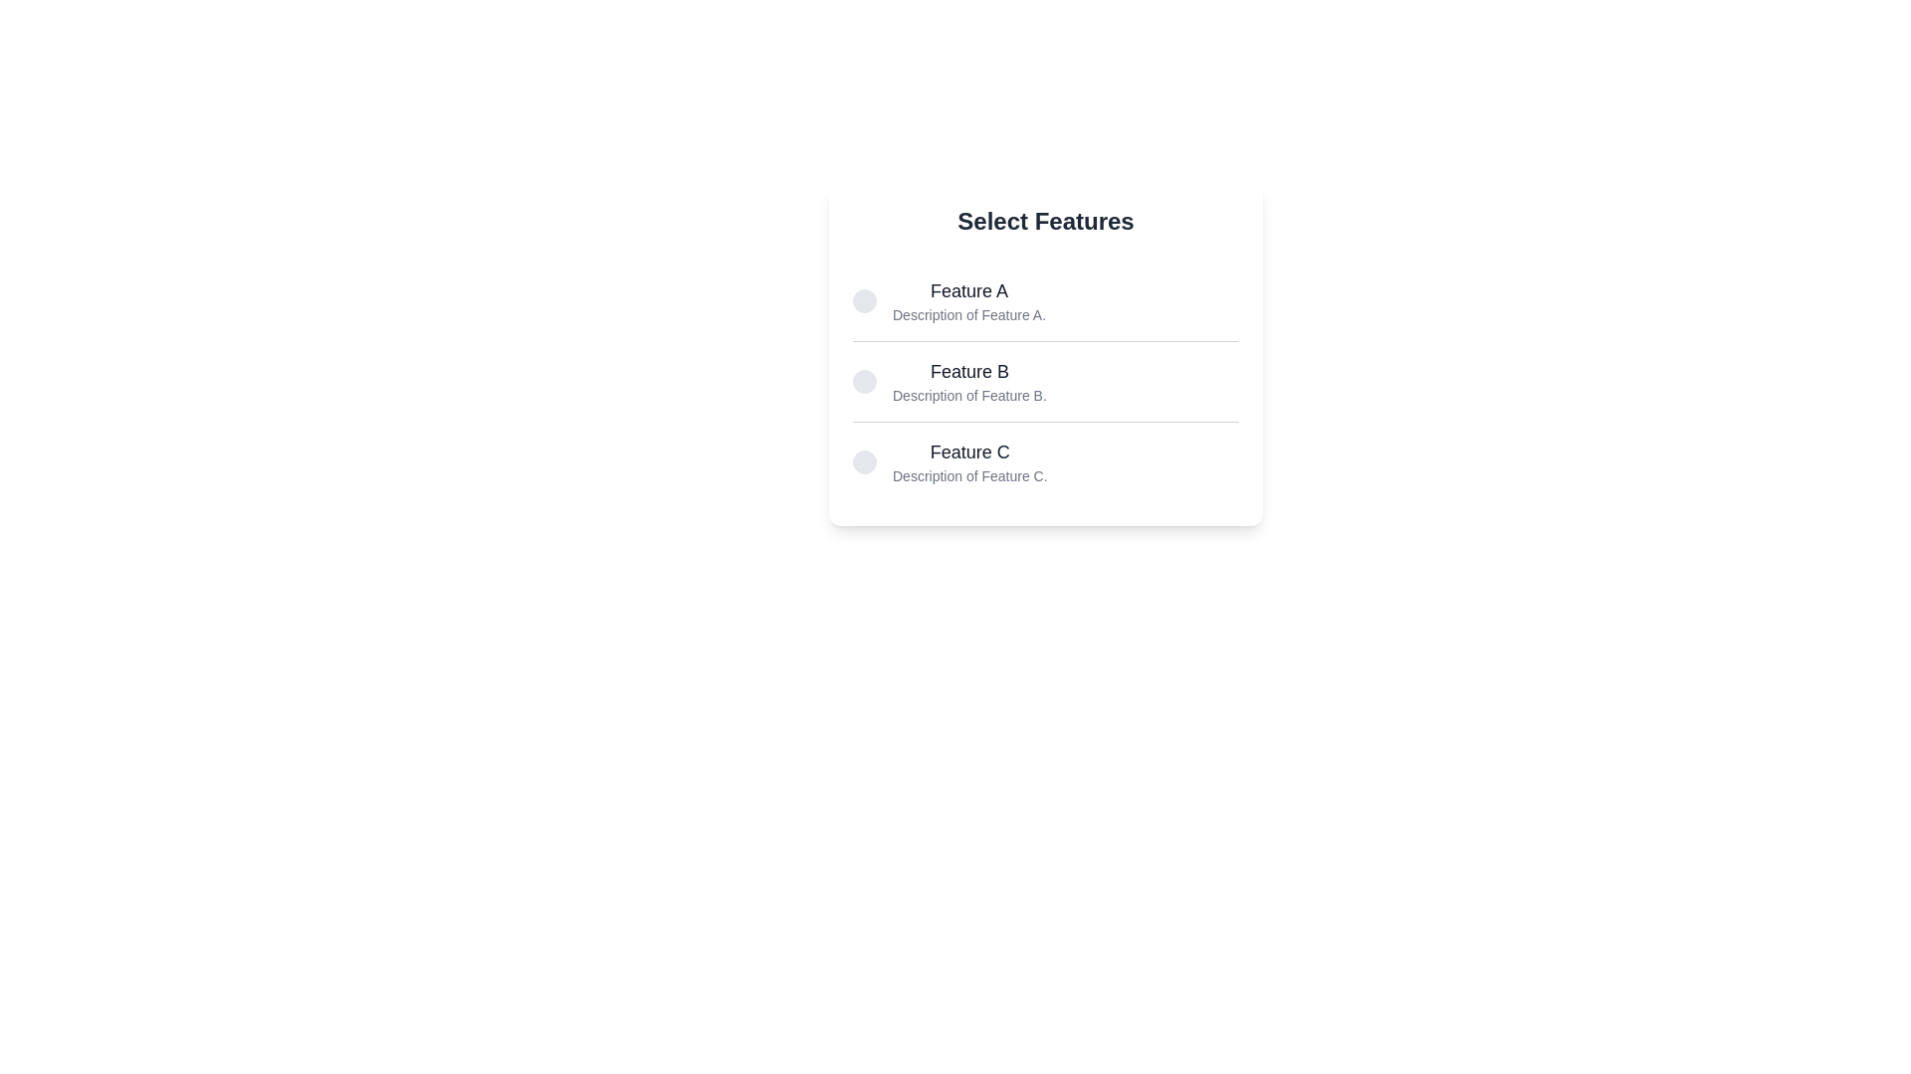 Image resolution: width=1911 pixels, height=1074 pixels. What do you see at coordinates (969, 313) in the screenshot?
I see `the Text label that provides additional descriptive information about 'Feature A'` at bounding box center [969, 313].